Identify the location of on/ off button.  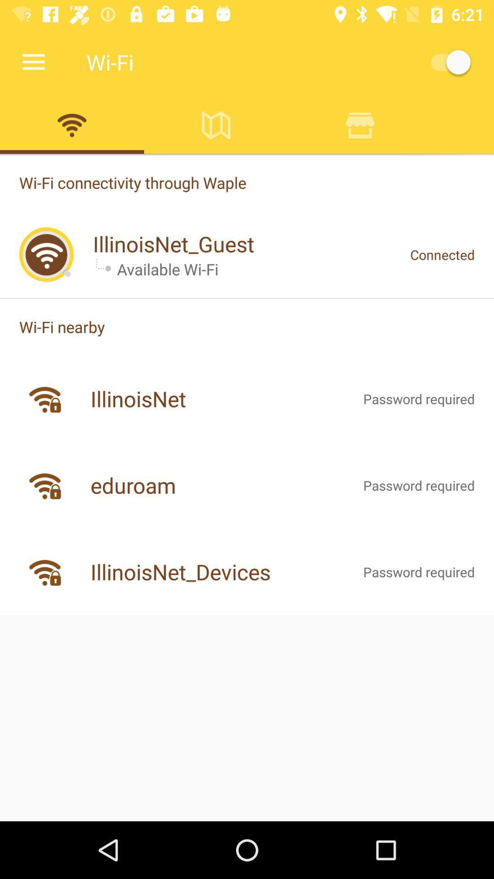
(446, 62).